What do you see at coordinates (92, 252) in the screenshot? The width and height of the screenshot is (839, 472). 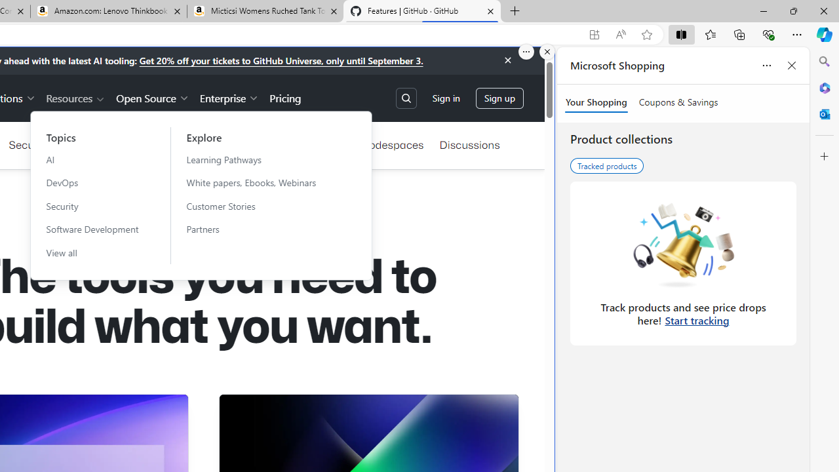 I see `'View all'` at bounding box center [92, 252].